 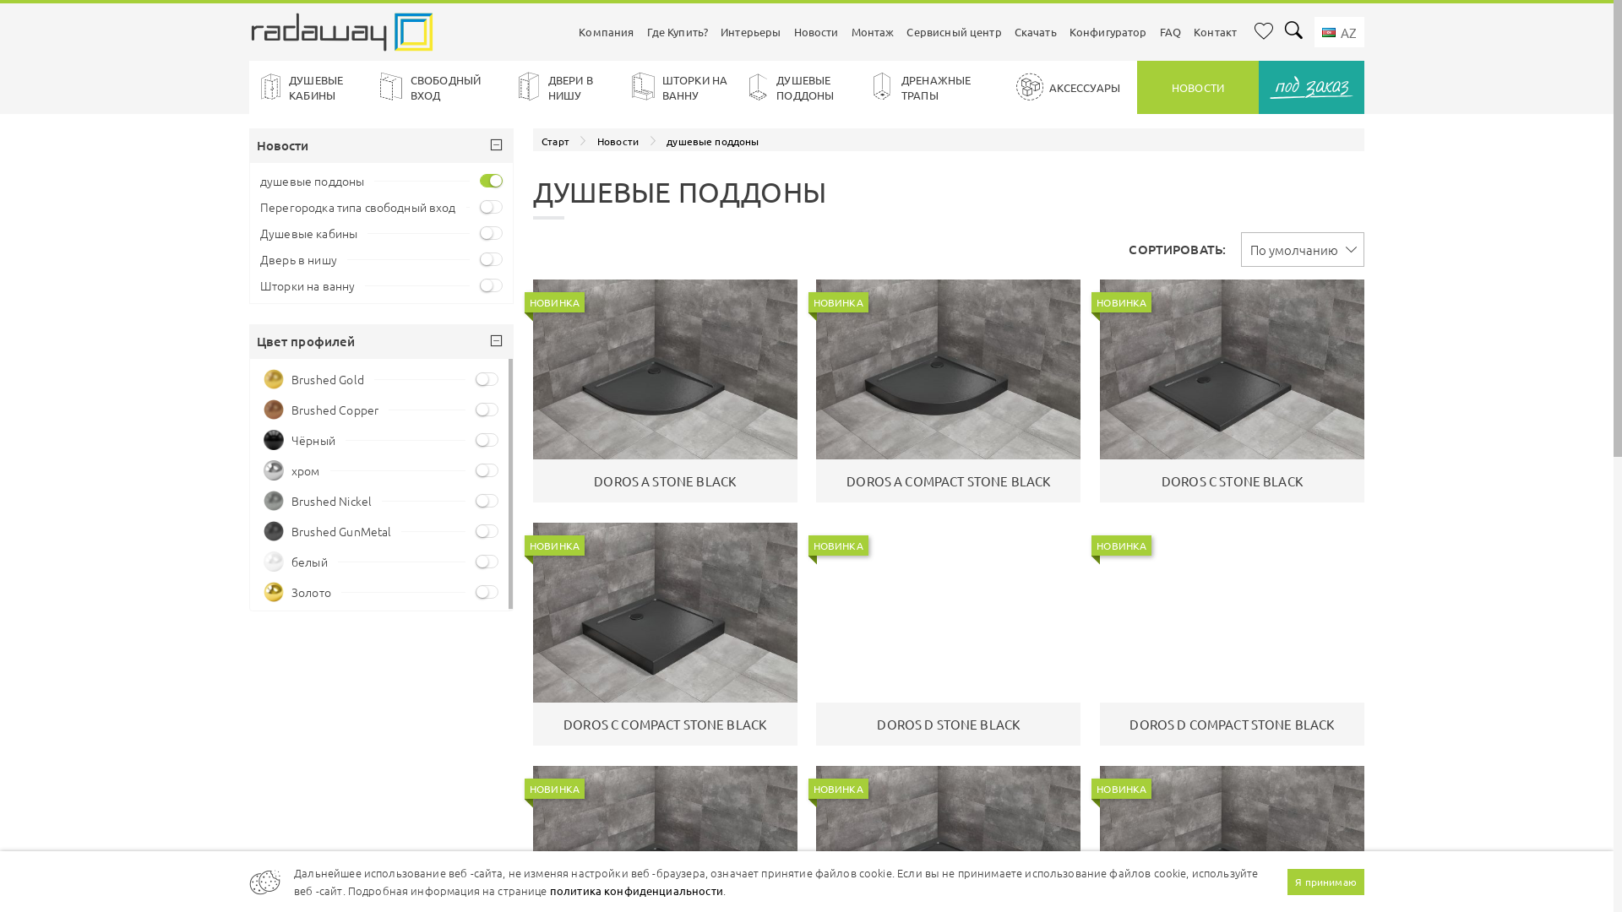 I want to click on '  AZ', so click(x=1338, y=32).